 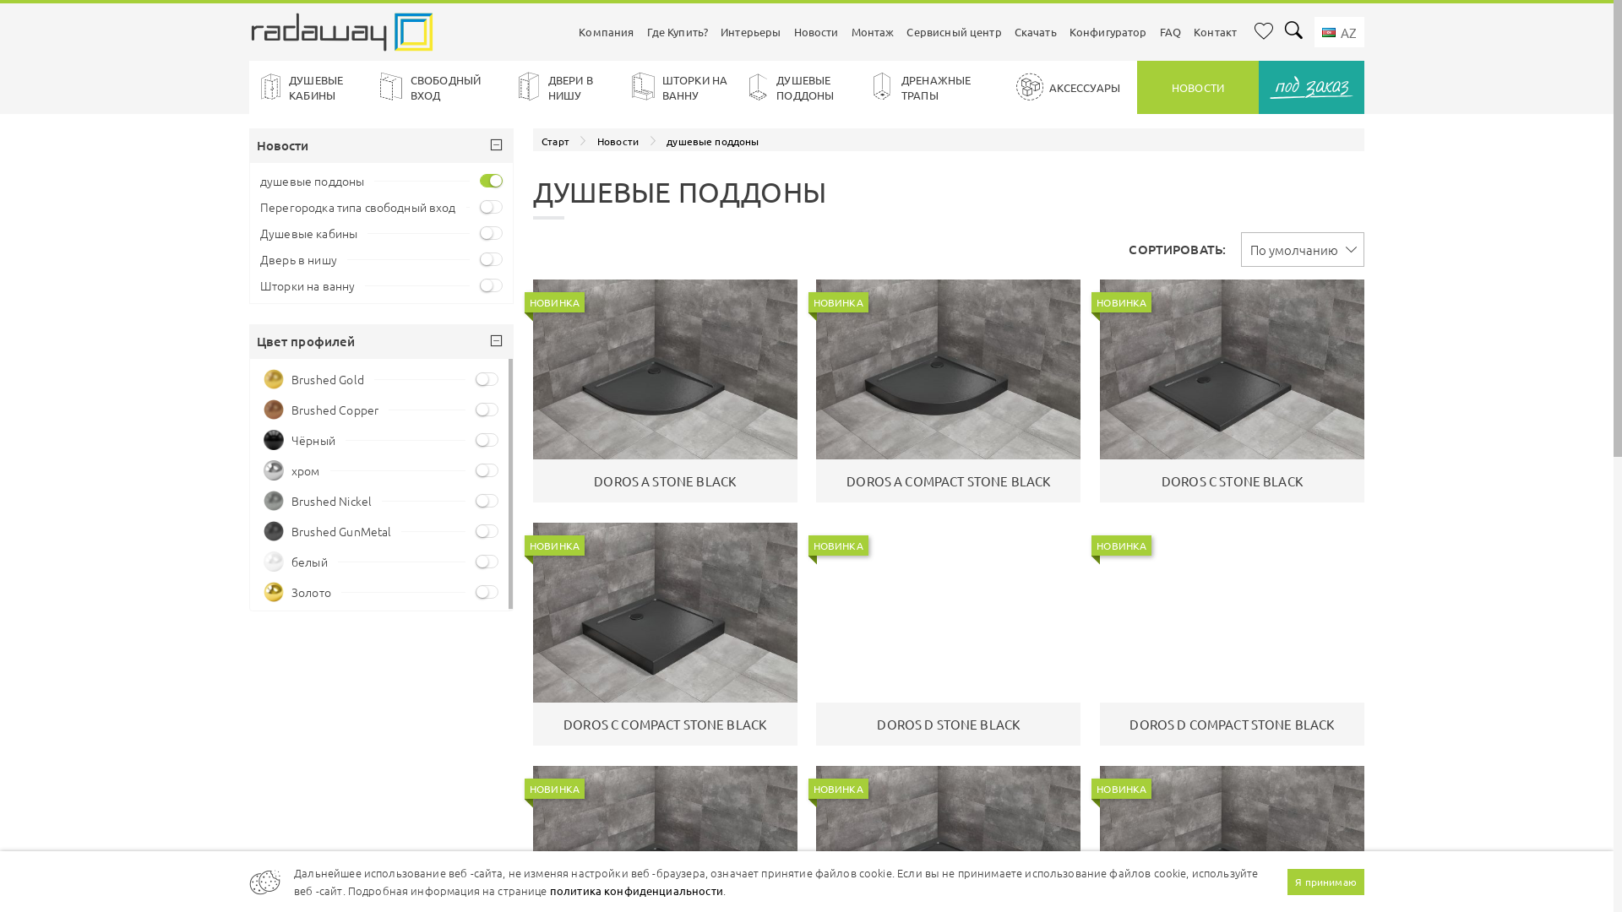 I want to click on '  AZ', so click(x=1338, y=32).